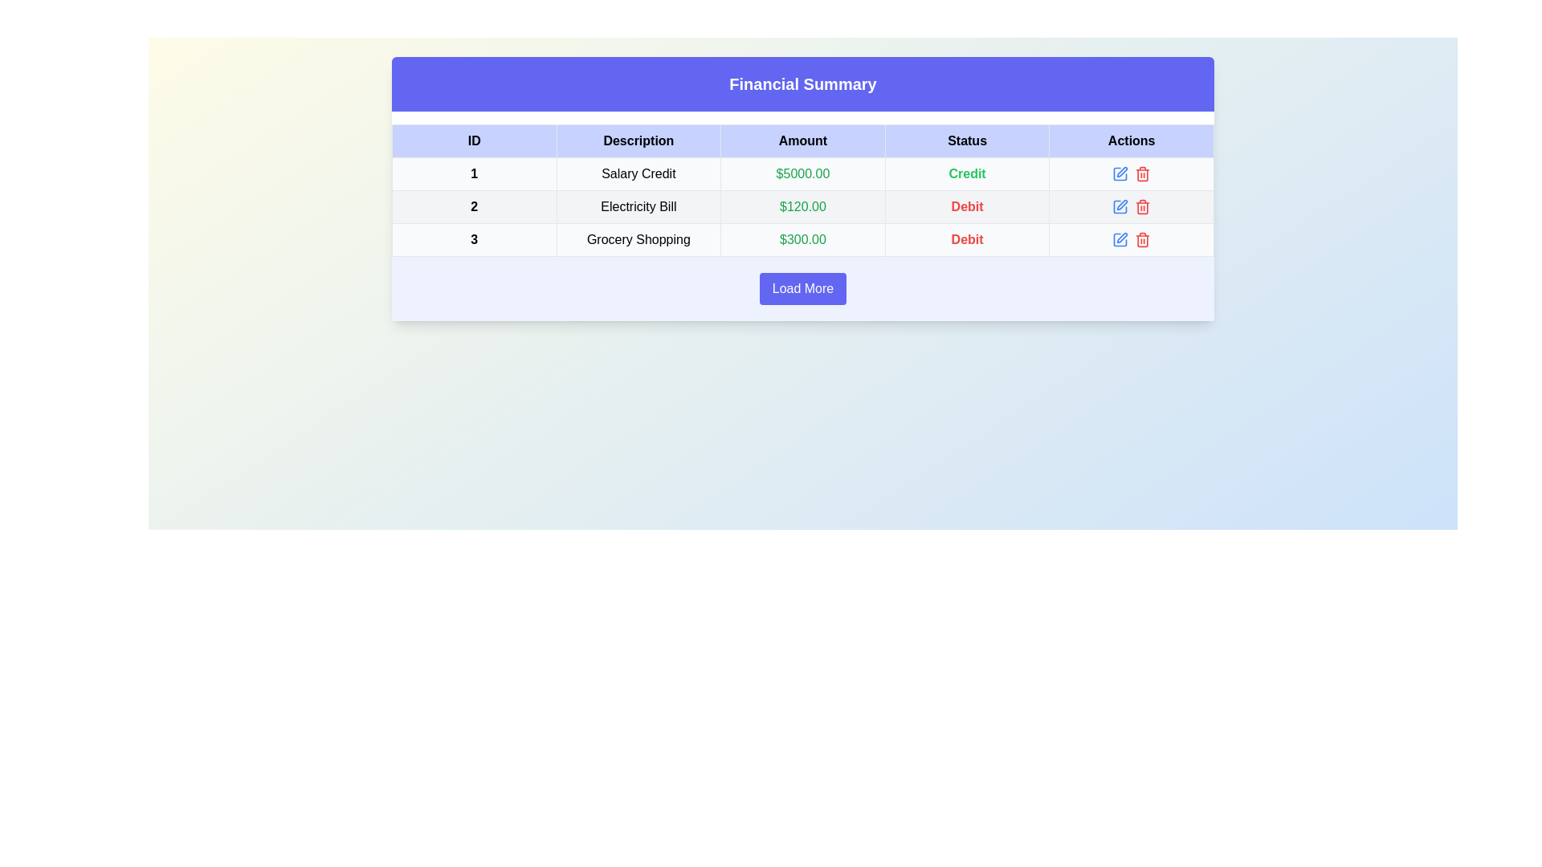 This screenshot has width=1542, height=867. Describe the element at coordinates (1131, 173) in the screenshot. I see `the grouped icons for actions in the first row of the table associated with 'Salary Credit' using keyboard navigation` at that location.